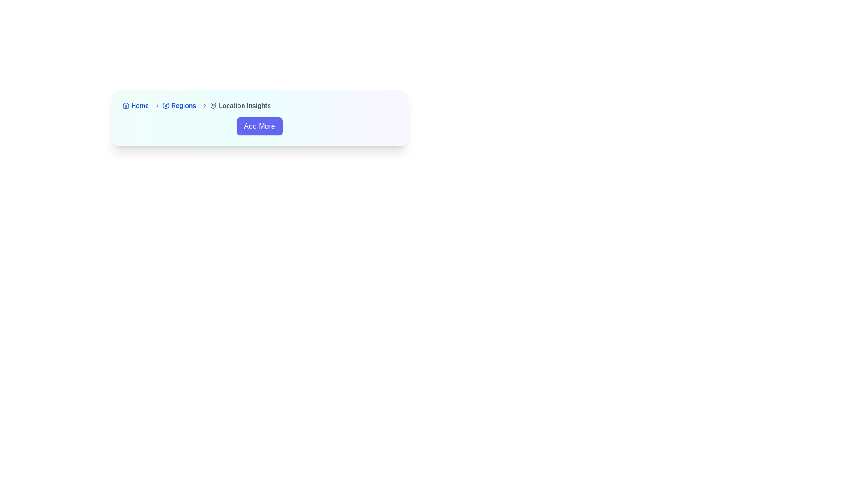 Image resolution: width=864 pixels, height=486 pixels. What do you see at coordinates (166, 105) in the screenshot?
I see `the compass needle icon located in the breadcrumb navigation between the 'Regions' and 'Location Insights' labels` at bounding box center [166, 105].